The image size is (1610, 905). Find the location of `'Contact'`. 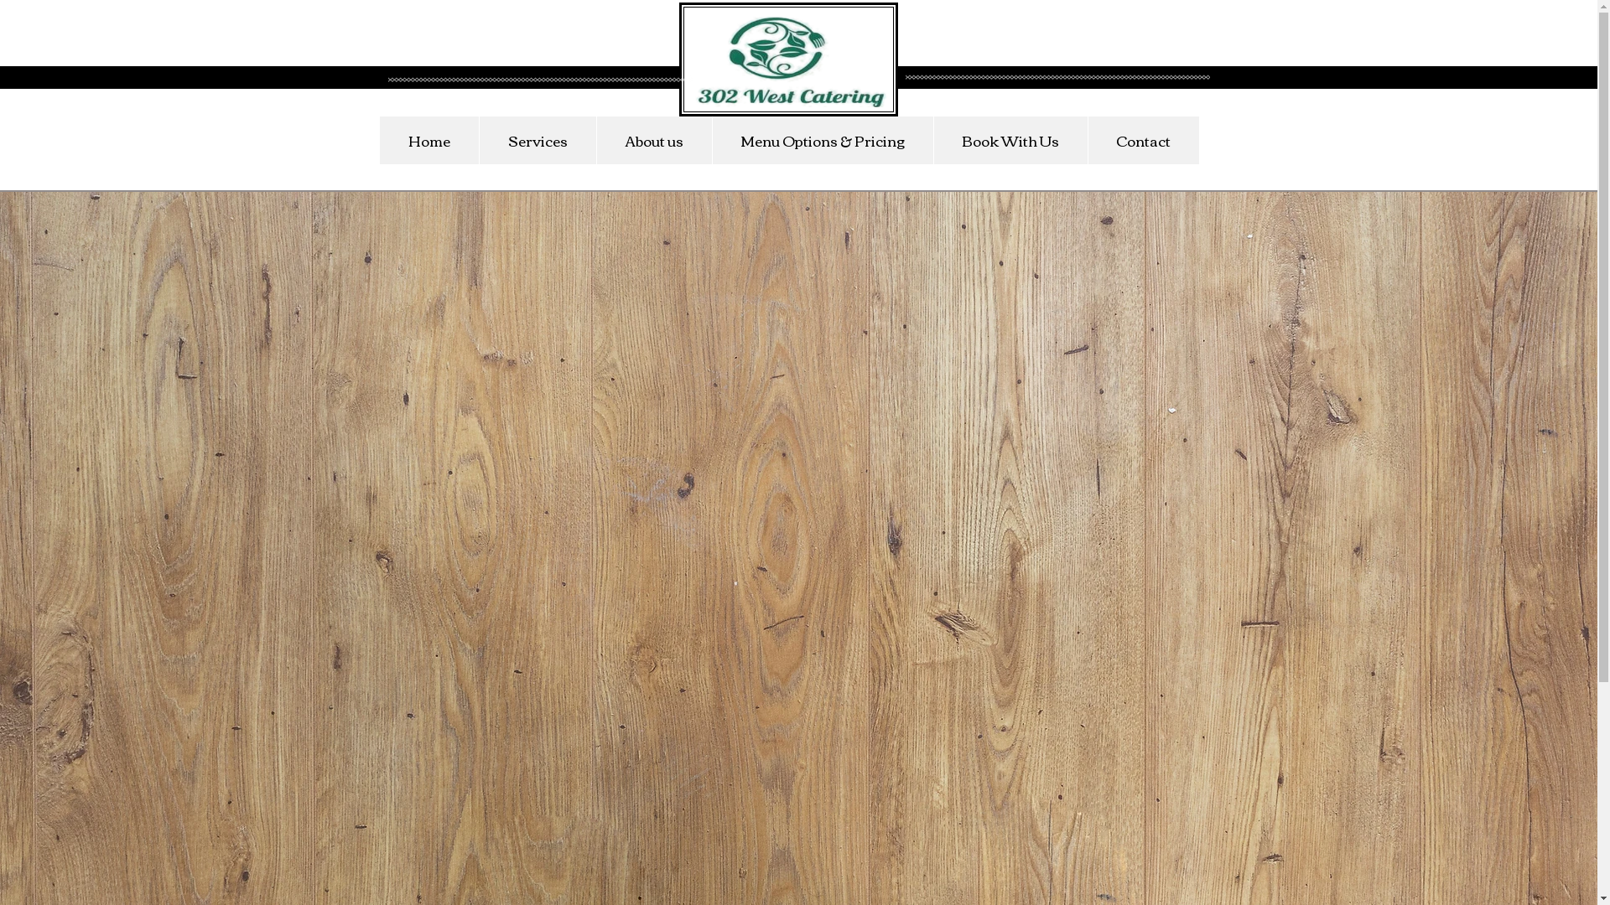

'Contact' is located at coordinates (1141, 139).